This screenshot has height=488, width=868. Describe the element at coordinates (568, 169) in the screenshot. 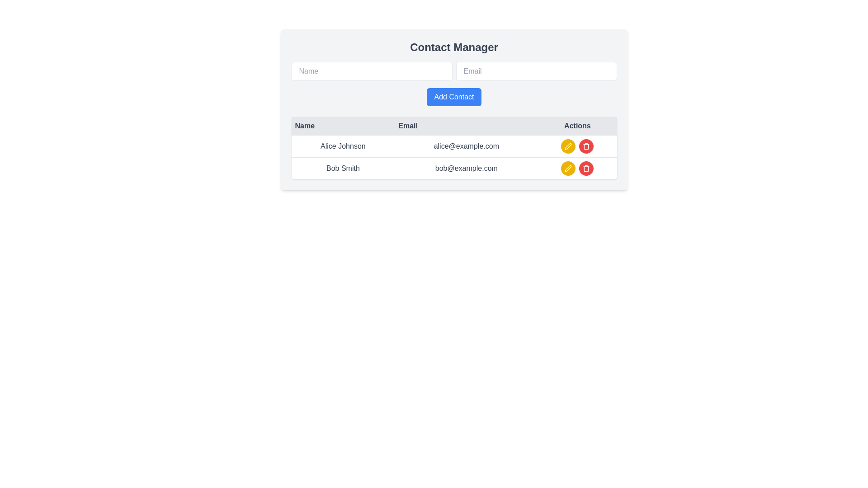

I see `the yellow pen icon button located in the 'Actions' column next to the email 'bob@example.com'` at that location.